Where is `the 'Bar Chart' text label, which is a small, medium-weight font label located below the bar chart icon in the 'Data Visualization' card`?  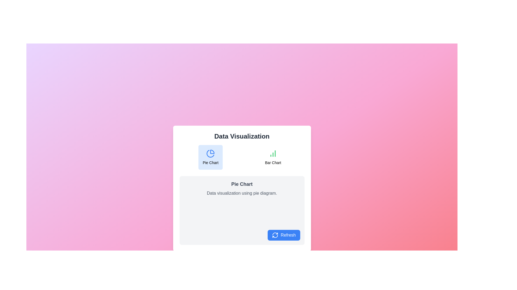 the 'Bar Chart' text label, which is a small, medium-weight font label located below the bar chart icon in the 'Data Visualization' card is located at coordinates (273, 162).